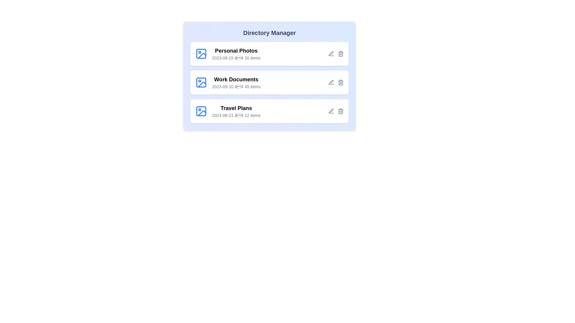 Image resolution: width=575 pixels, height=323 pixels. What do you see at coordinates (269, 111) in the screenshot?
I see `the directory named Travel Plans from the list` at bounding box center [269, 111].